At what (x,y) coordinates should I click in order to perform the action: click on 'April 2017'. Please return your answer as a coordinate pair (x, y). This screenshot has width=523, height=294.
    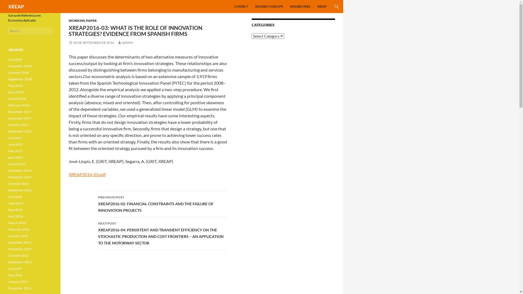
    Looking at the image, I should click on (16, 157).